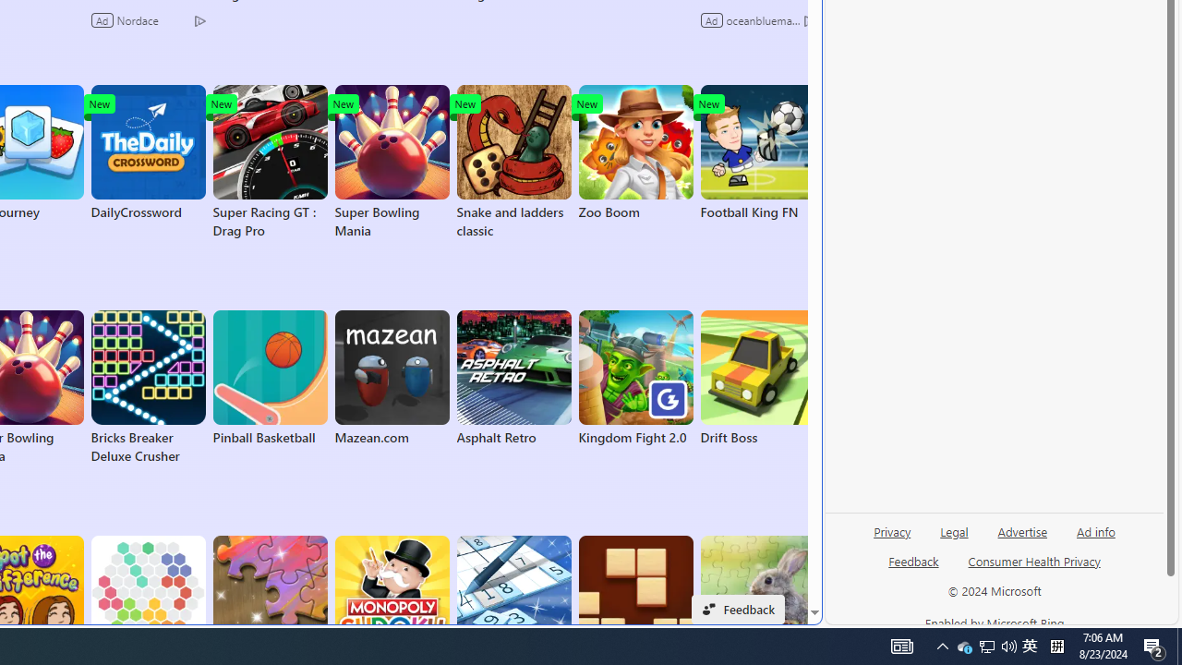  Describe the element at coordinates (269, 378) in the screenshot. I see `'Pinball Basketball'` at that location.